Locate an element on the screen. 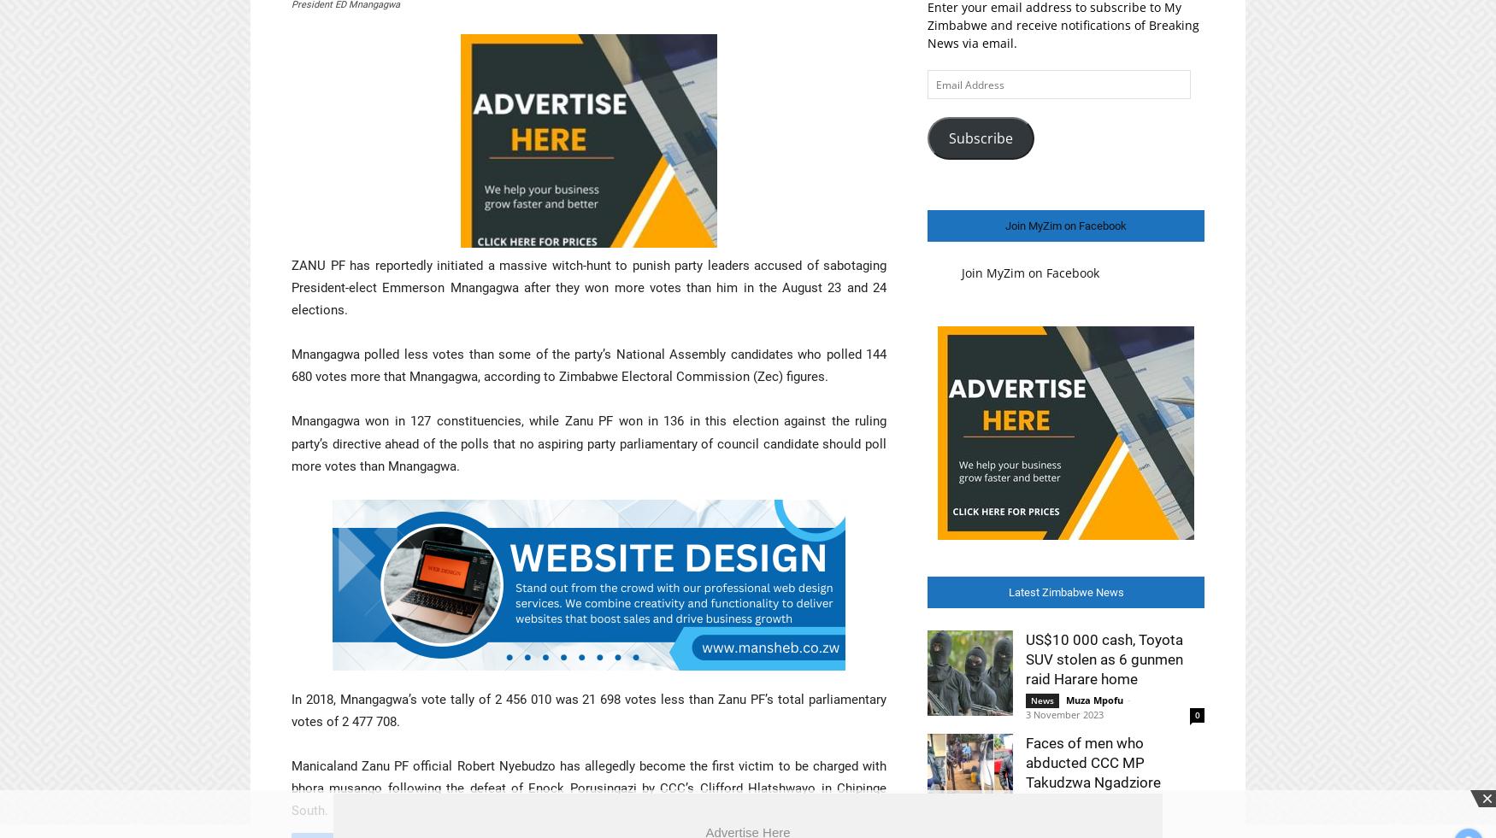 This screenshot has height=838, width=1496. 'US$10 000 cash, Toyota SUV stolen as 6 gunmen raid Harare home' is located at coordinates (1104, 659).